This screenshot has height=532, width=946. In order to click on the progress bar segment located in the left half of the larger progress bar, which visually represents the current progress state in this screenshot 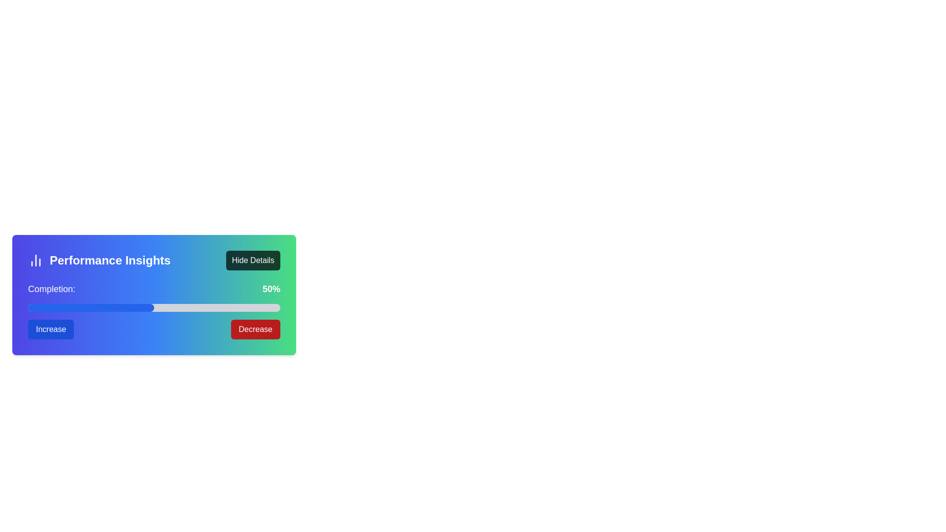, I will do `click(91, 307)`.